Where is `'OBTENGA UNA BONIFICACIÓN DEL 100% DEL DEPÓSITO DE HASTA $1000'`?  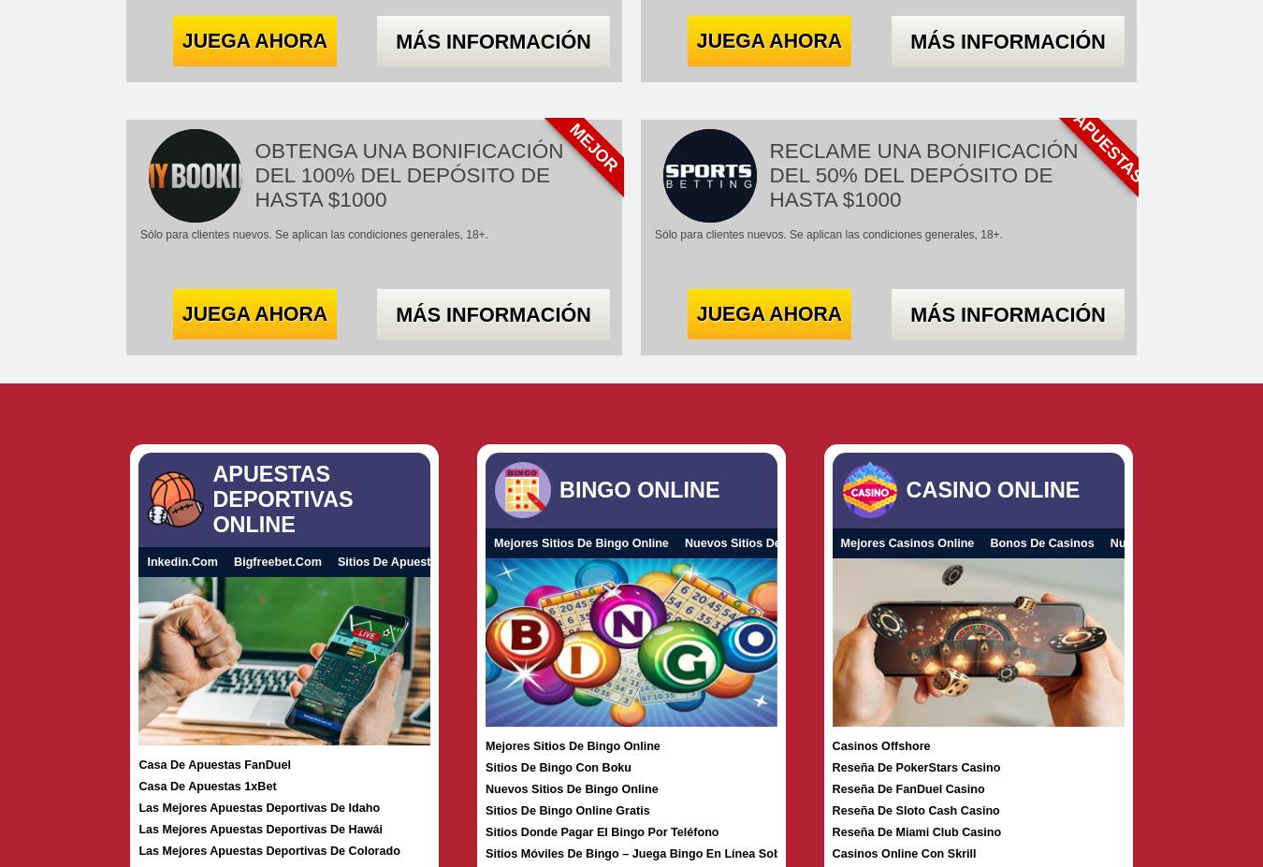 'OBTENGA UNA BONIFICACIÓN DEL 100% DEL DEPÓSITO DE HASTA $1000' is located at coordinates (408, 175).